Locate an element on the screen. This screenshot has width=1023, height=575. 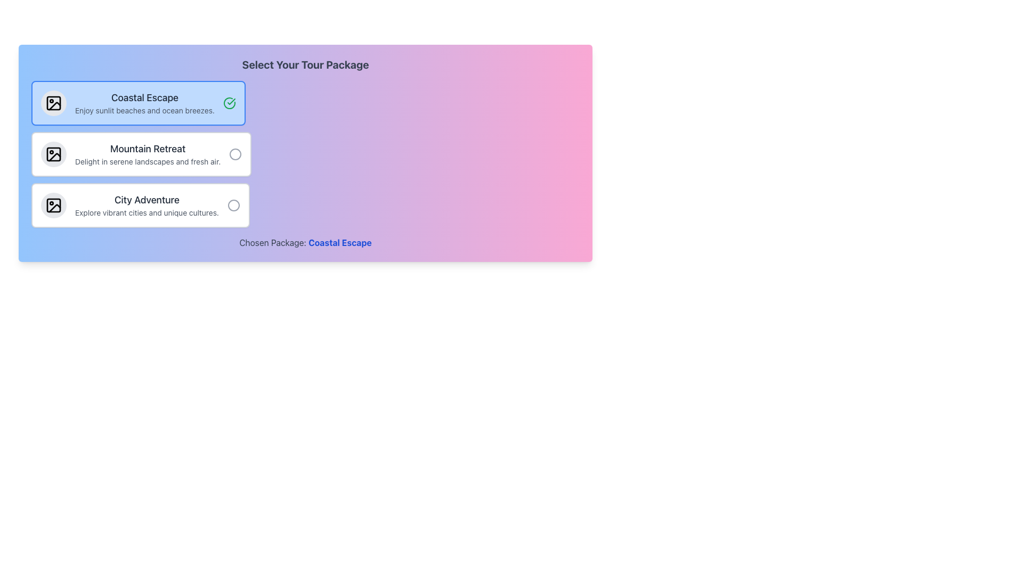
the graphic icon resembling a picture frame with a circular and triangular design inside it, located to the left of the 'Mountain Retreat' text in the vertical list of tour packages is located at coordinates (53, 154).